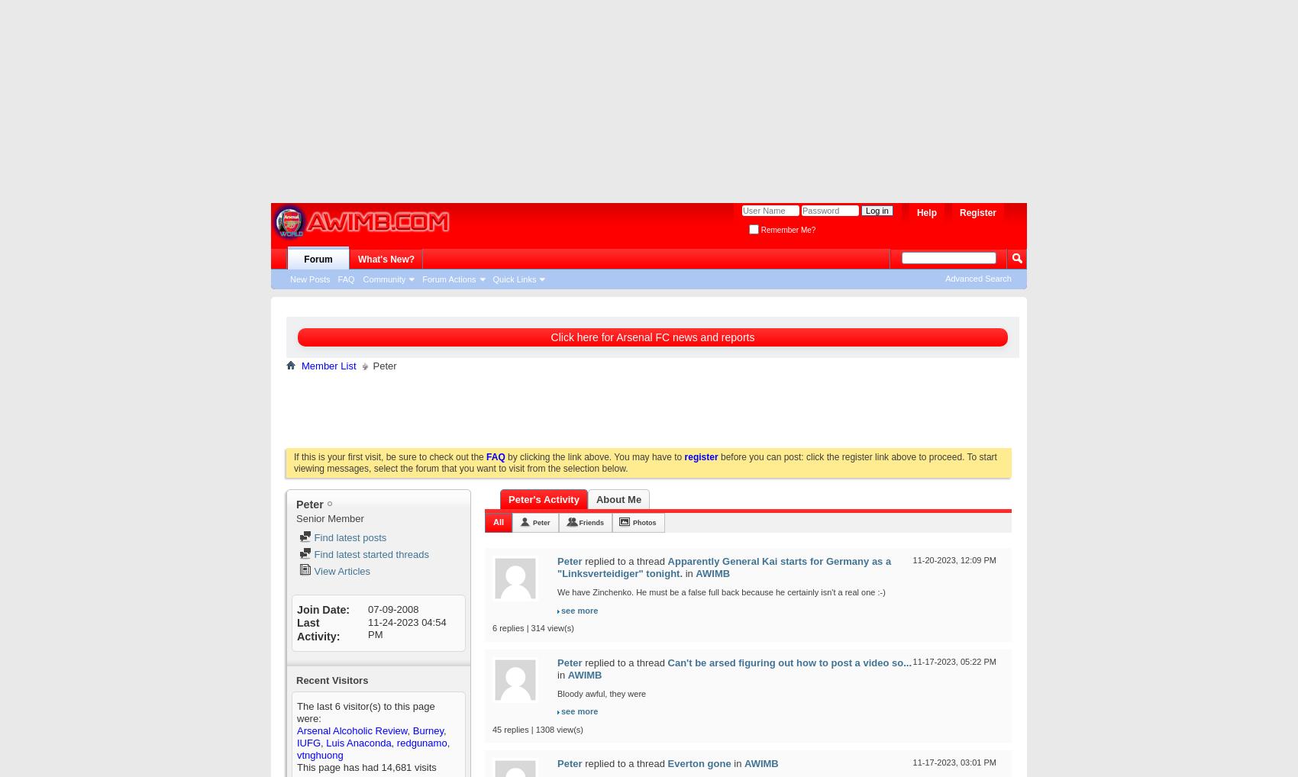 The width and height of the screenshot is (1298, 777). Describe the element at coordinates (492, 278) in the screenshot. I see `'Quick Links'` at that location.